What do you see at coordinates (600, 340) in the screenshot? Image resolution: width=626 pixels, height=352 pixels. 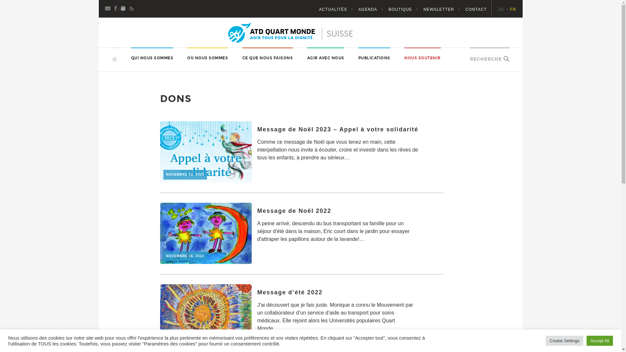 I see `'Accept All'` at bounding box center [600, 340].